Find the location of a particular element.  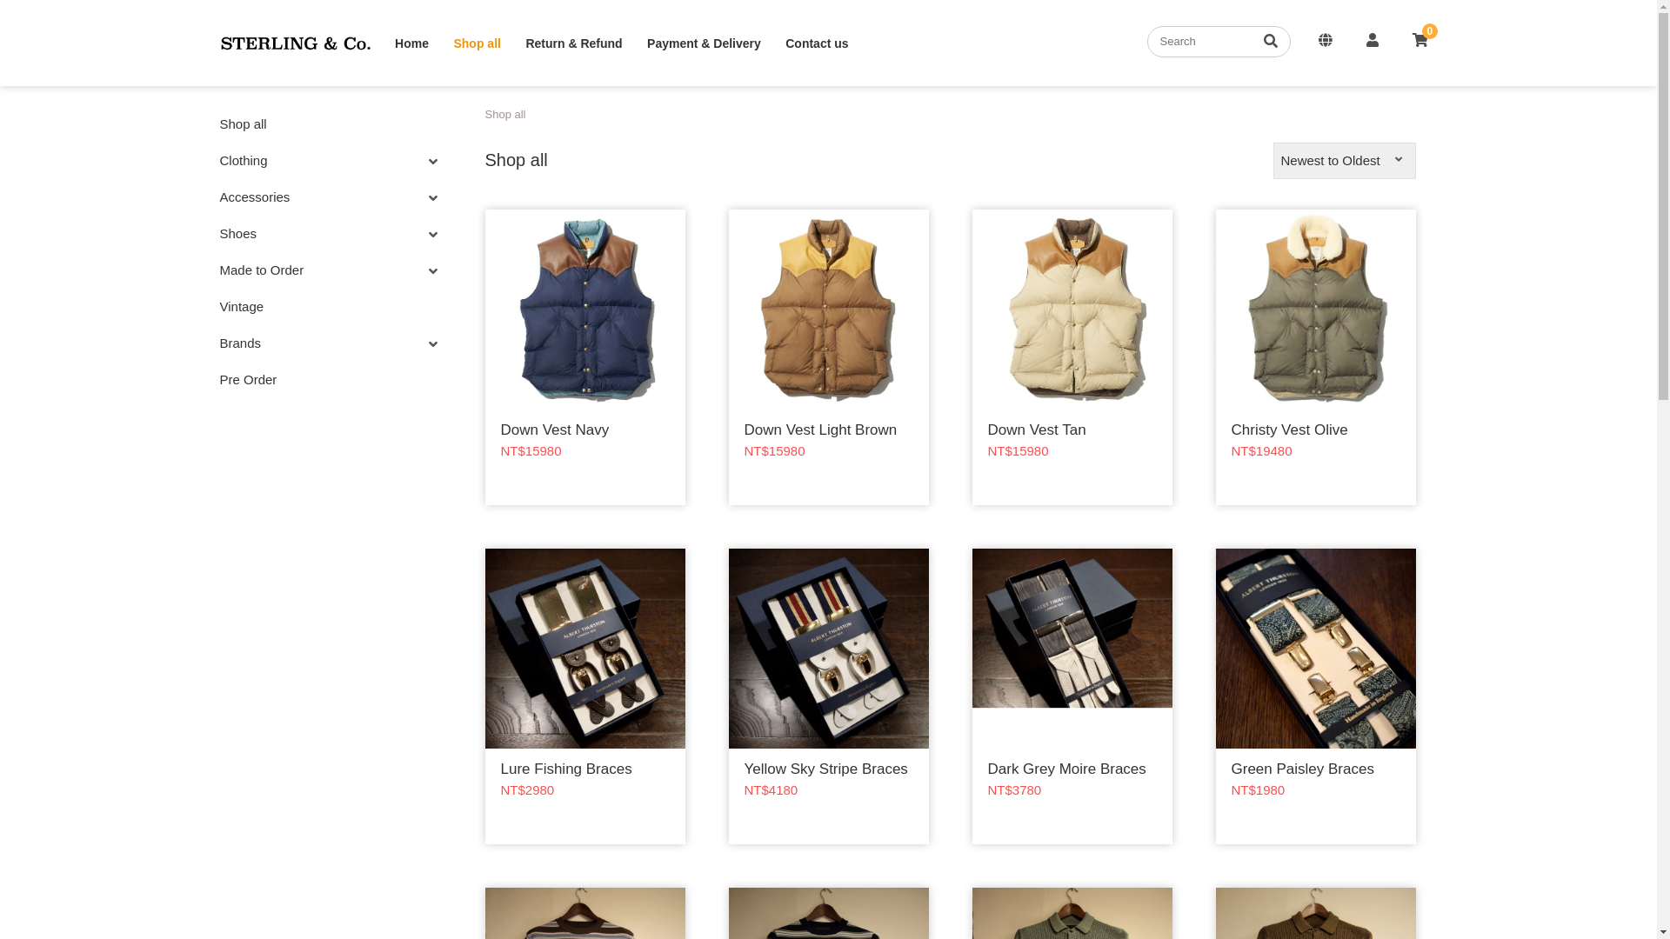

'Clothing' is located at coordinates (218, 160).